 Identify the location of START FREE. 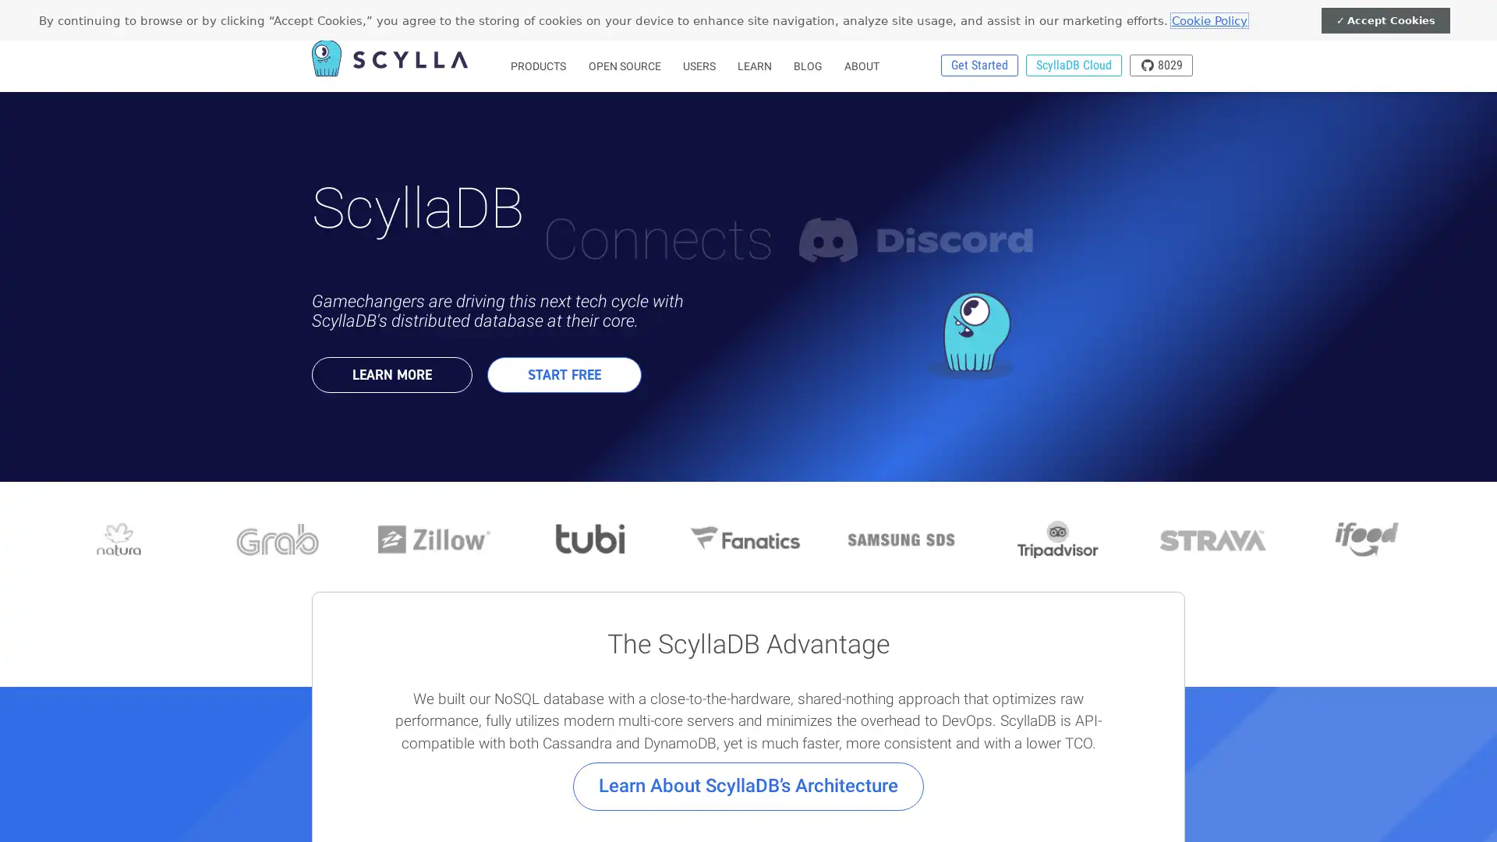
(564, 374).